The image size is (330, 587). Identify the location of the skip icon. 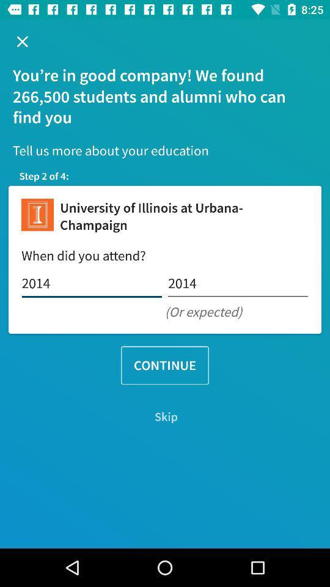
(165, 416).